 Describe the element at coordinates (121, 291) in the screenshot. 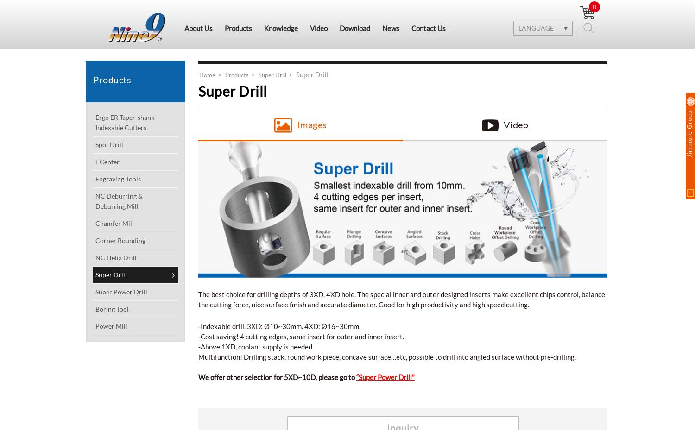

I see `'Super Power Drill'` at that location.